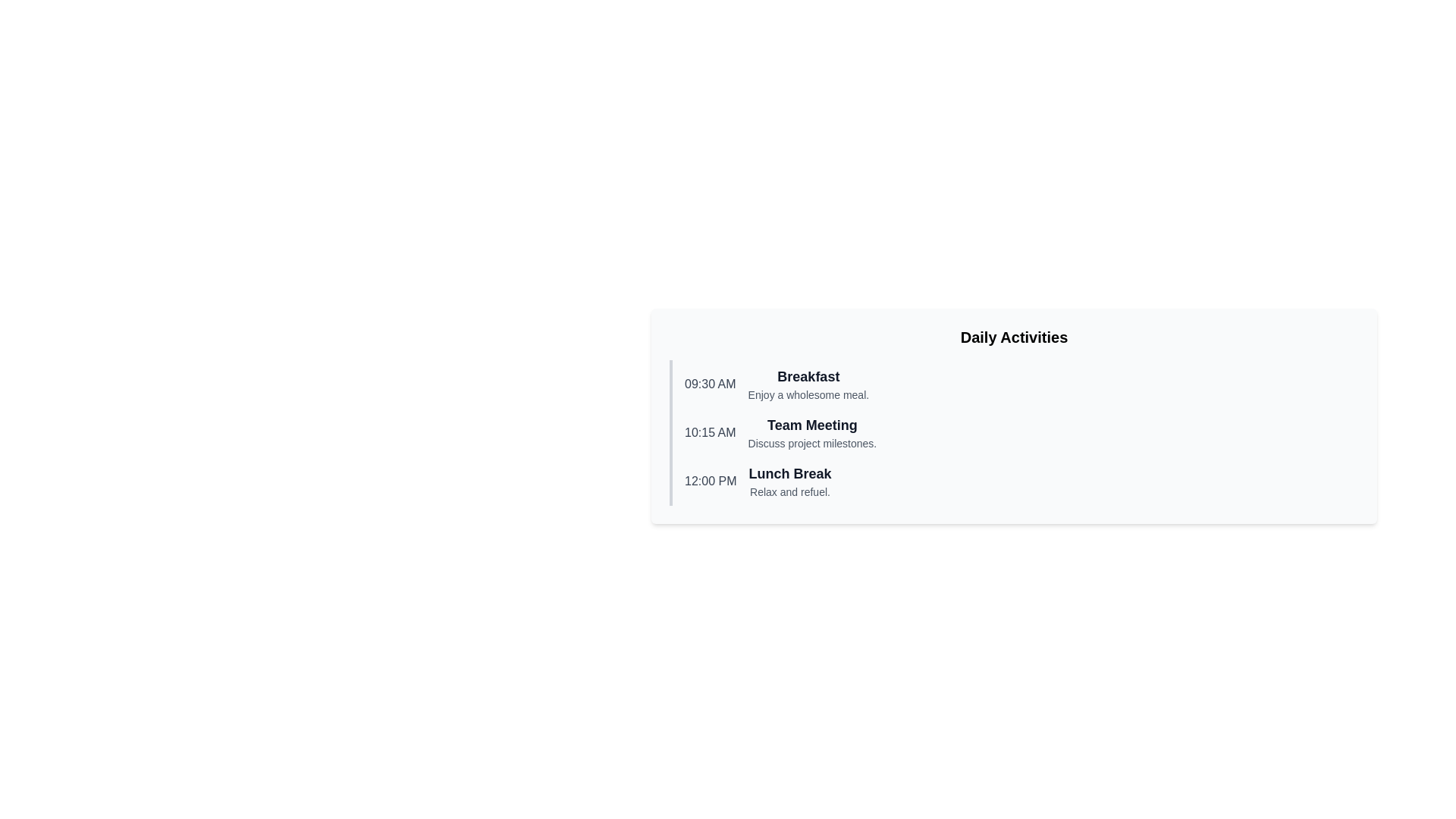 This screenshot has width=1456, height=819. I want to click on descriptive text label located beneath the 'Breakfast' title in the timetable UI section, so click(808, 394).